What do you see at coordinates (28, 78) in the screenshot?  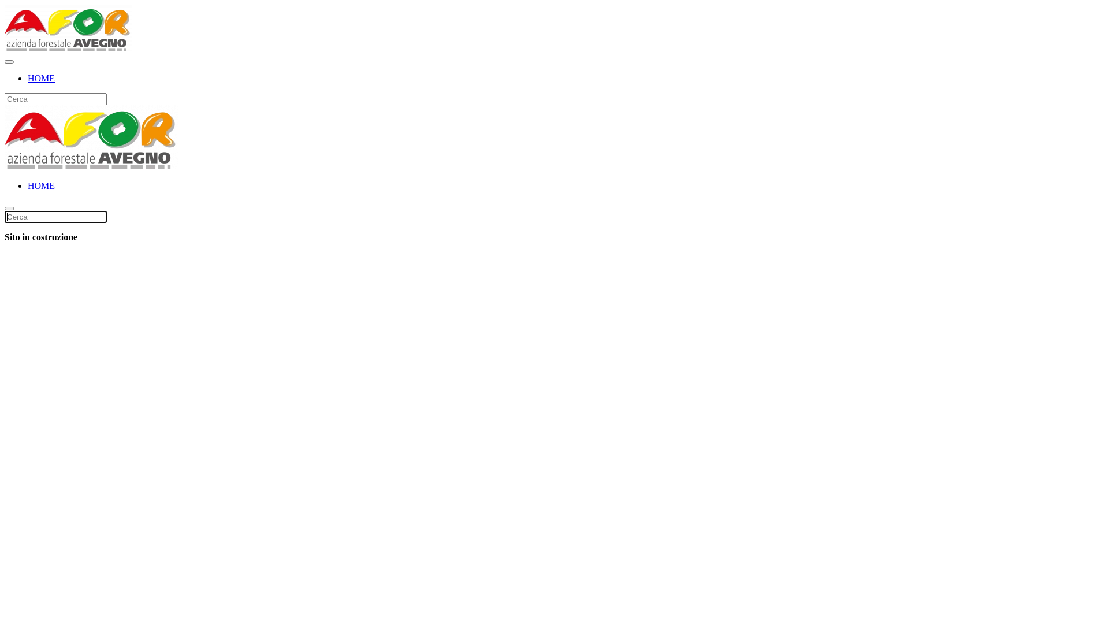 I see `'HOME'` at bounding box center [28, 78].